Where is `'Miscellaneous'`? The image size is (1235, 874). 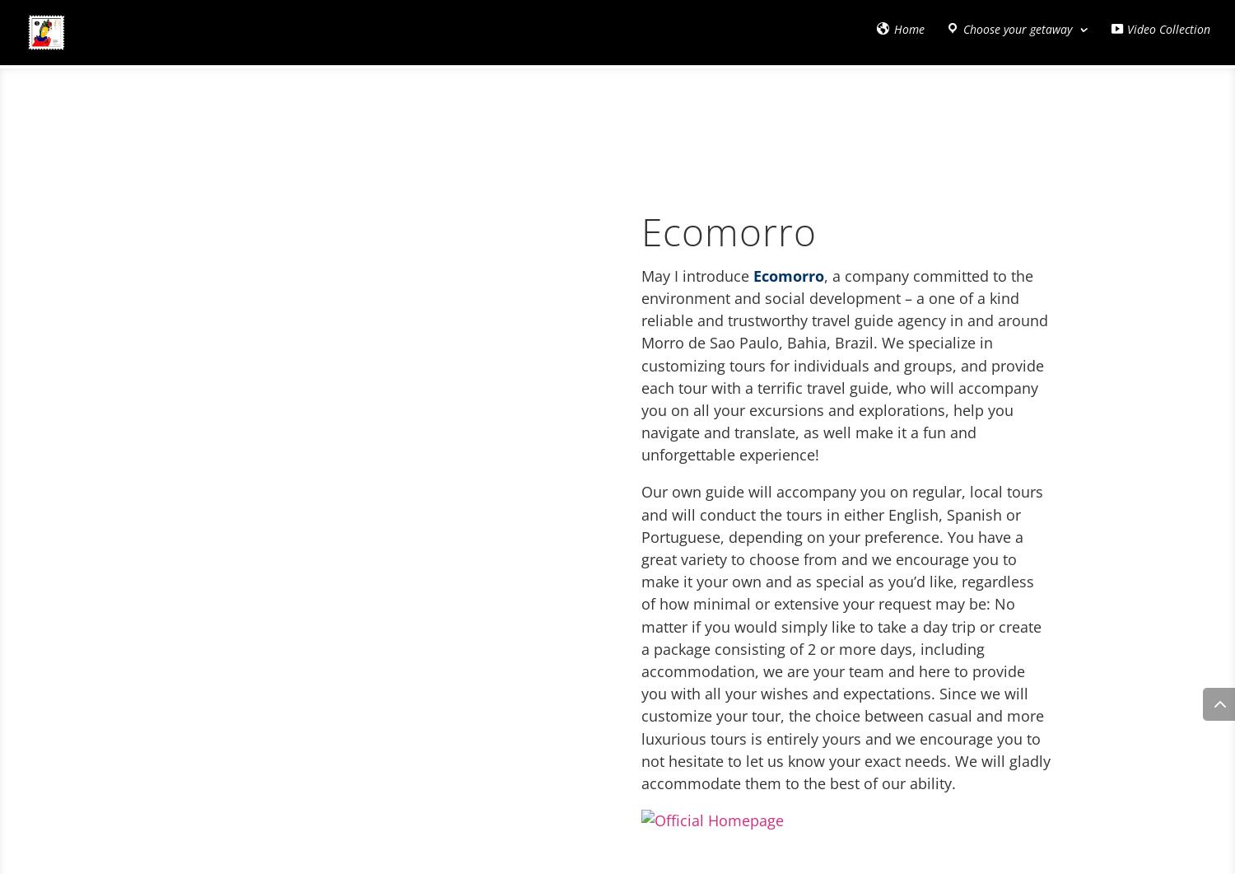 'Miscellaneous' is located at coordinates (400, 107).